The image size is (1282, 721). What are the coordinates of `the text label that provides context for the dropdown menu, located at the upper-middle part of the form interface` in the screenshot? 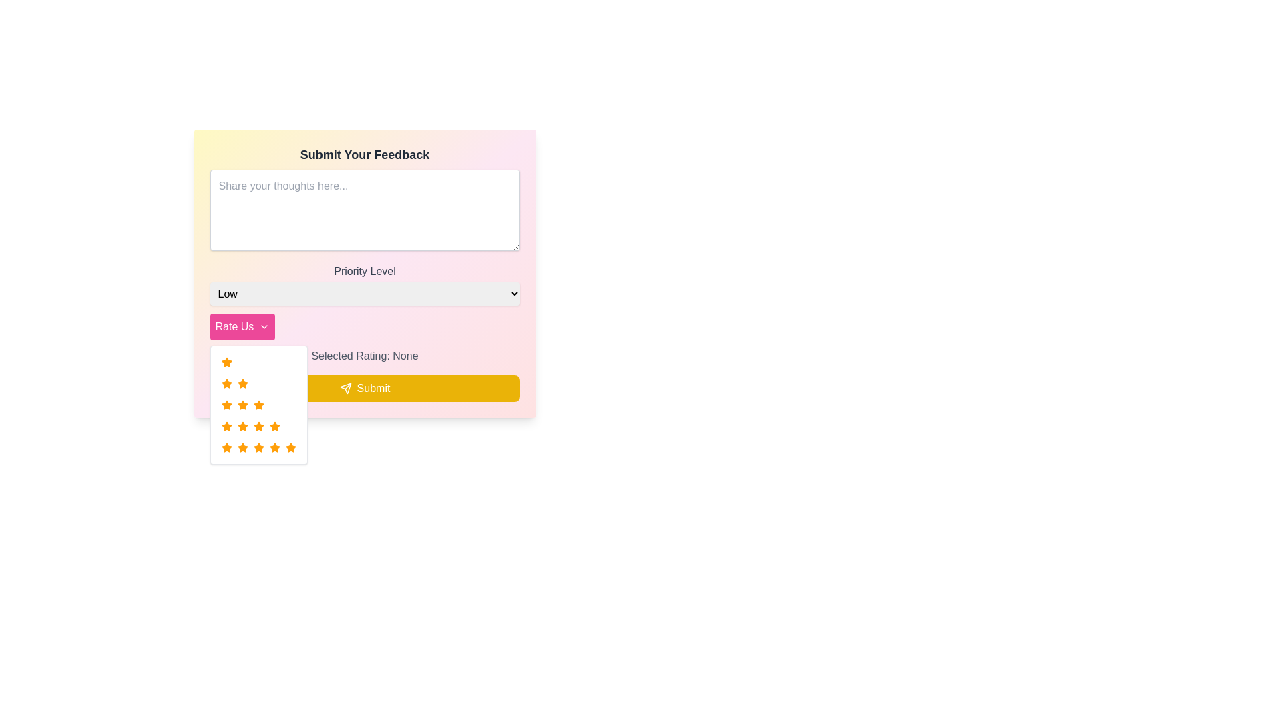 It's located at (365, 271).